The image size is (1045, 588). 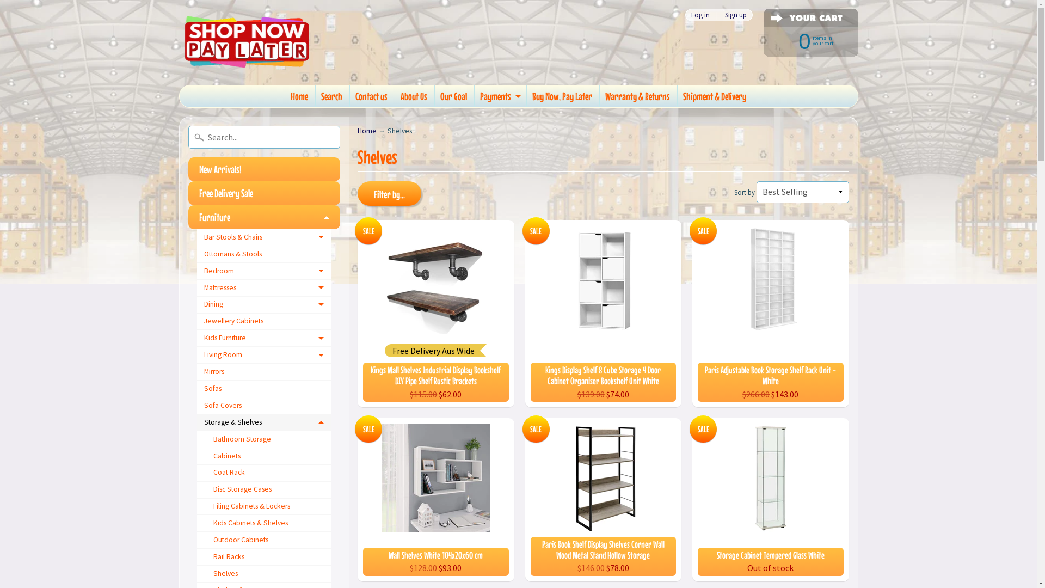 What do you see at coordinates (331, 96) in the screenshot?
I see `'Search'` at bounding box center [331, 96].